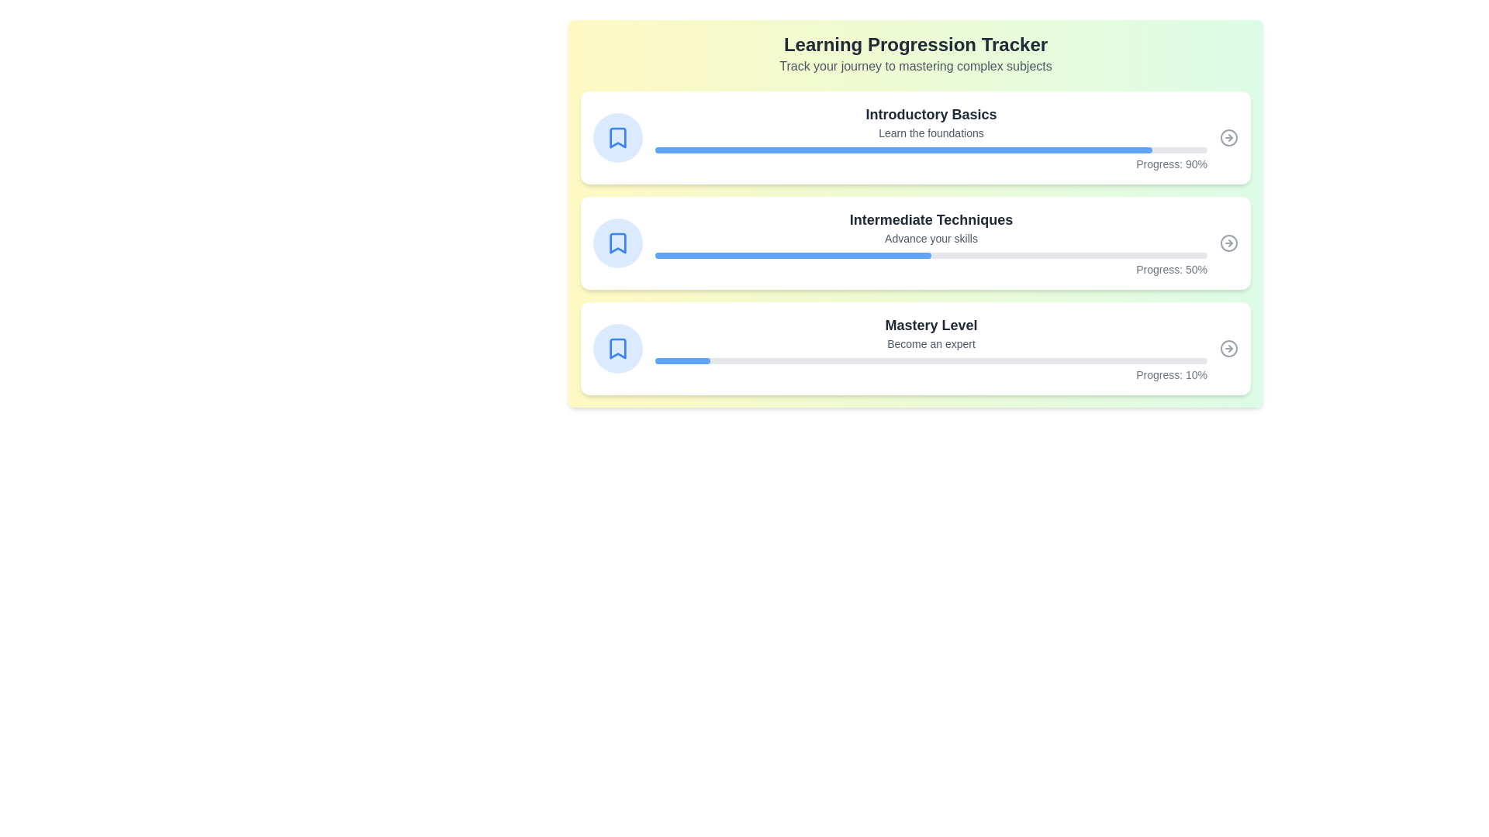 This screenshot has width=1489, height=837. I want to click on the presence of the small circular shape with a gray outline, which is part of the arrow icon located at the far-right end of the 'Mastery Level' progress bar, so click(1228, 349).